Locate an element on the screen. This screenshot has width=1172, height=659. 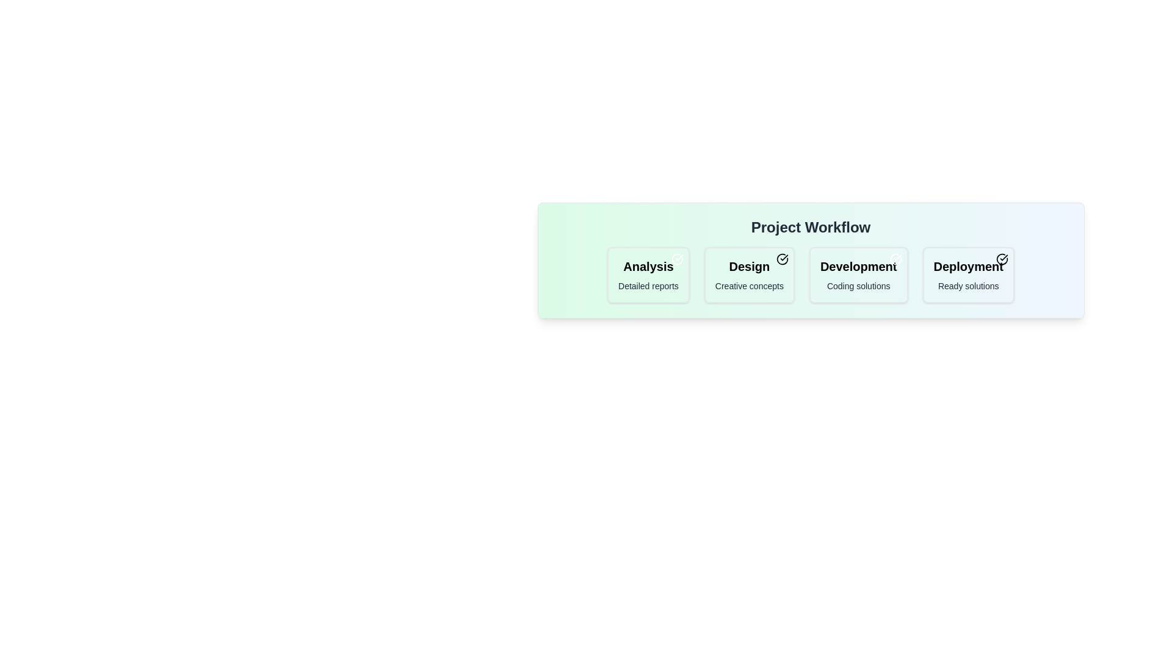
the chip labeled 'Analysis' is located at coordinates (648, 275).